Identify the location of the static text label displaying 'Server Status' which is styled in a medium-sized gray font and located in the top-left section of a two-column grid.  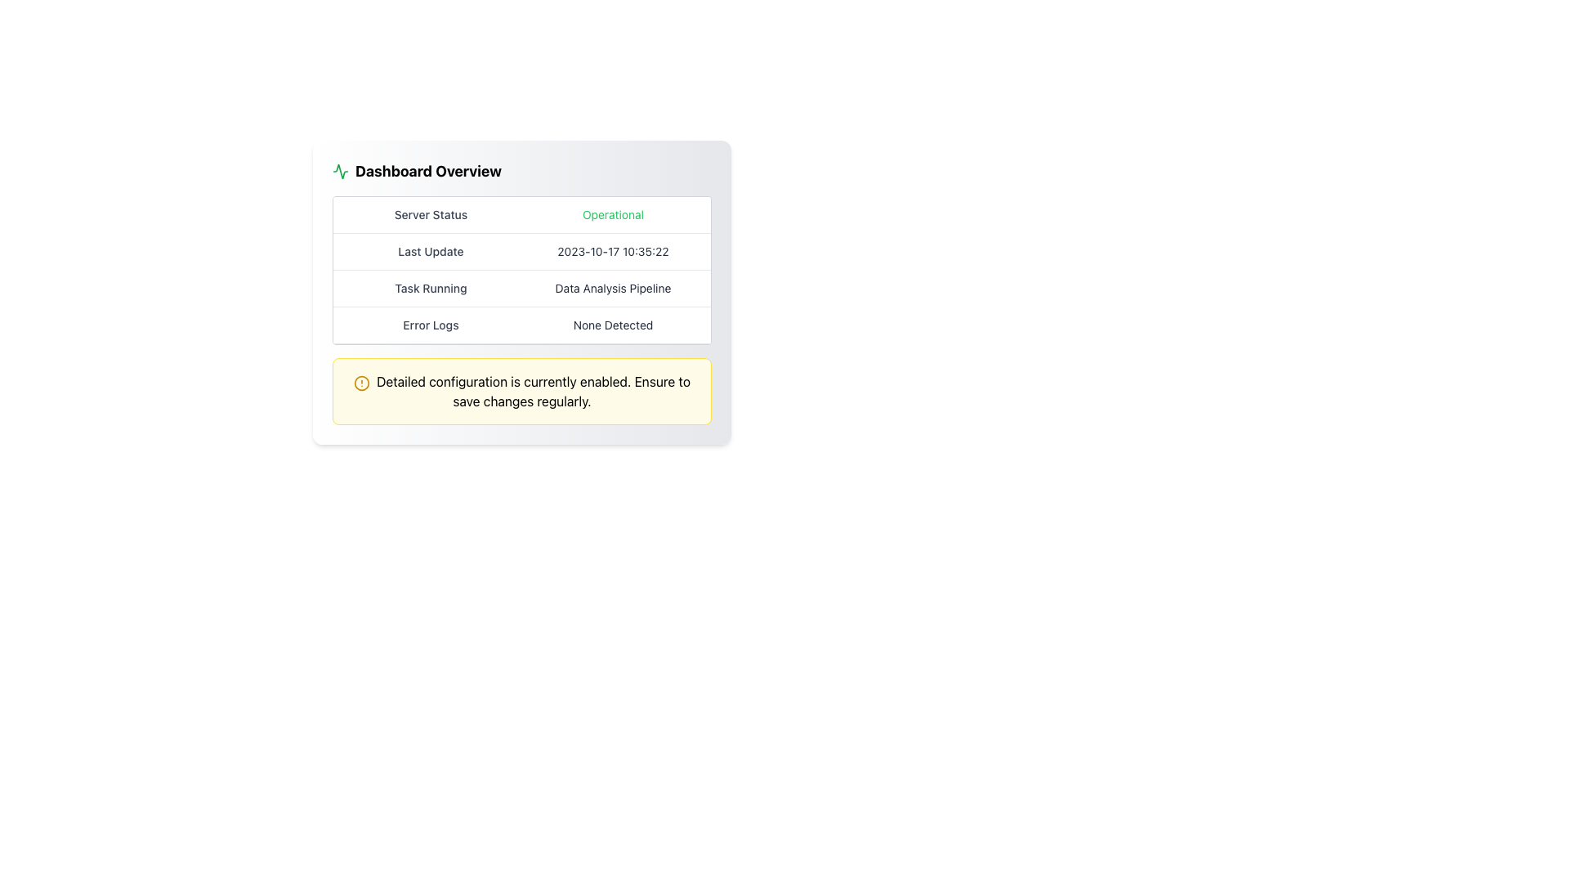
(431, 213).